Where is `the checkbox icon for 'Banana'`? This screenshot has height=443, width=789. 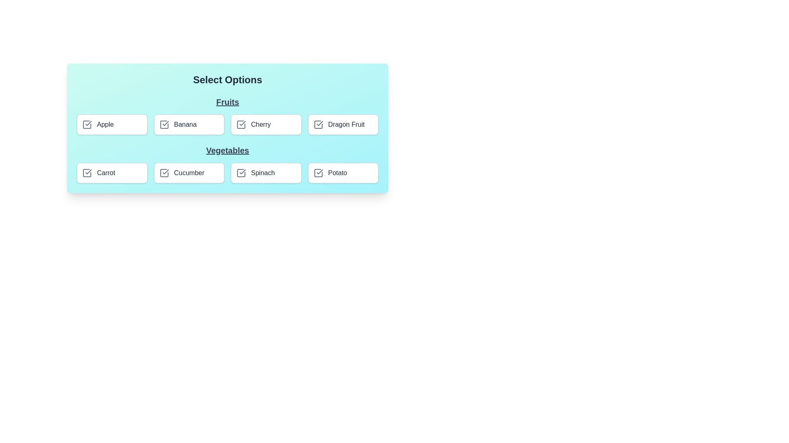
the checkbox icon for 'Banana' is located at coordinates (164, 125).